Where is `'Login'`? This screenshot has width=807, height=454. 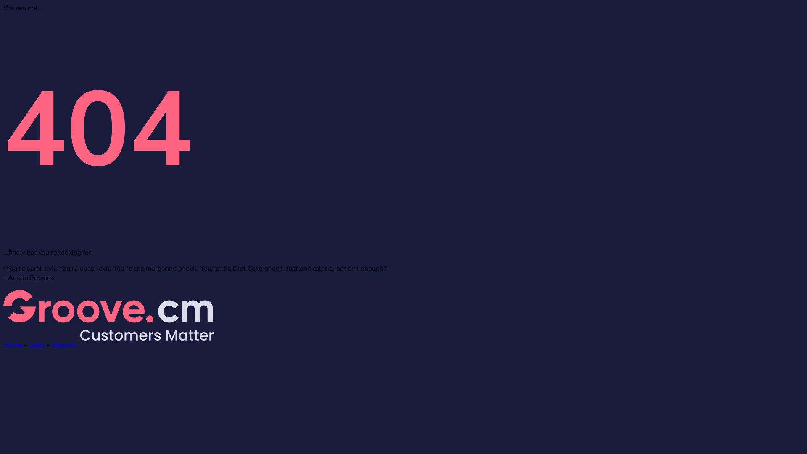
'Login' is located at coordinates (36, 345).